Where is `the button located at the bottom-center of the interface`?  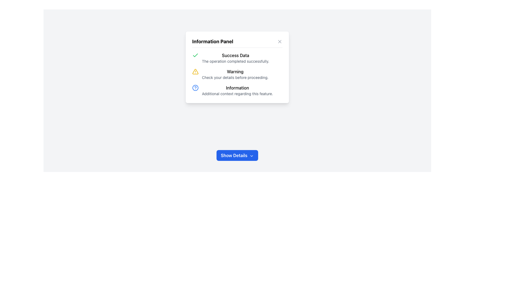
the button located at the bottom-center of the interface is located at coordinates (237, 155).